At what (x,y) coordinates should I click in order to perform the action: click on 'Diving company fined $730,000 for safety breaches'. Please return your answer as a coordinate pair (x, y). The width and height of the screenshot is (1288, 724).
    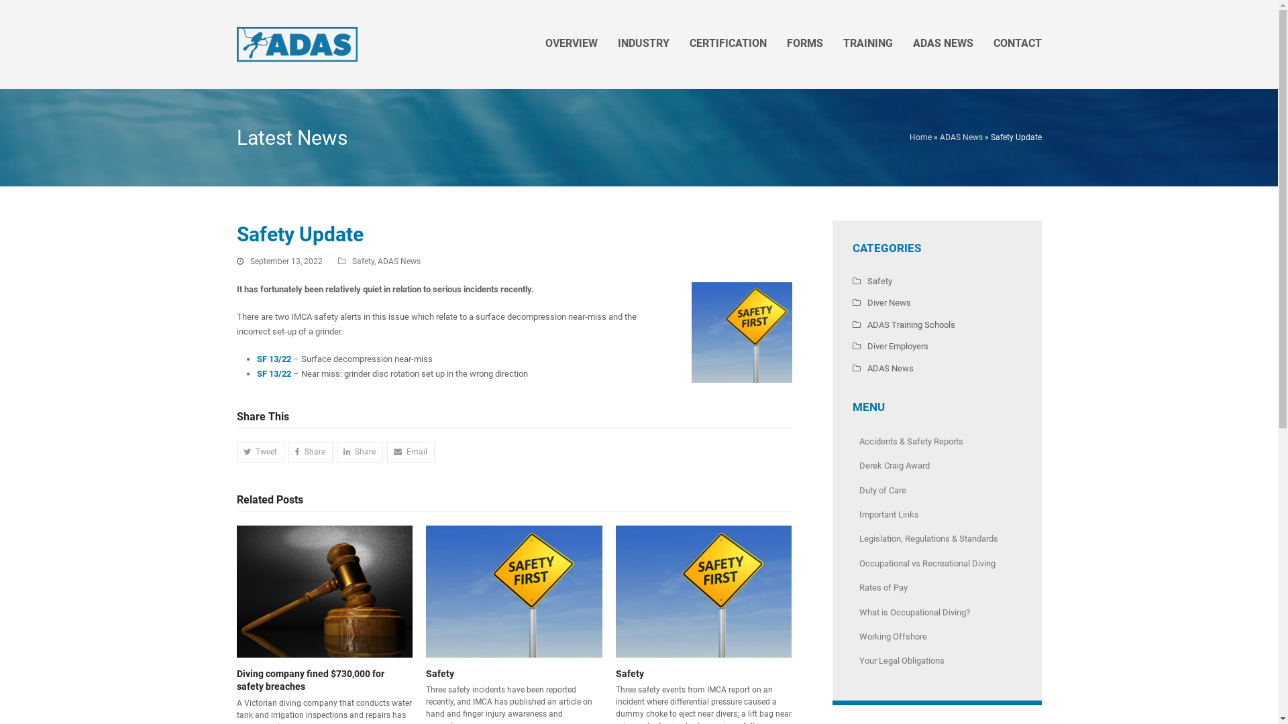
    Looking at the image, I should click on (309, 680).